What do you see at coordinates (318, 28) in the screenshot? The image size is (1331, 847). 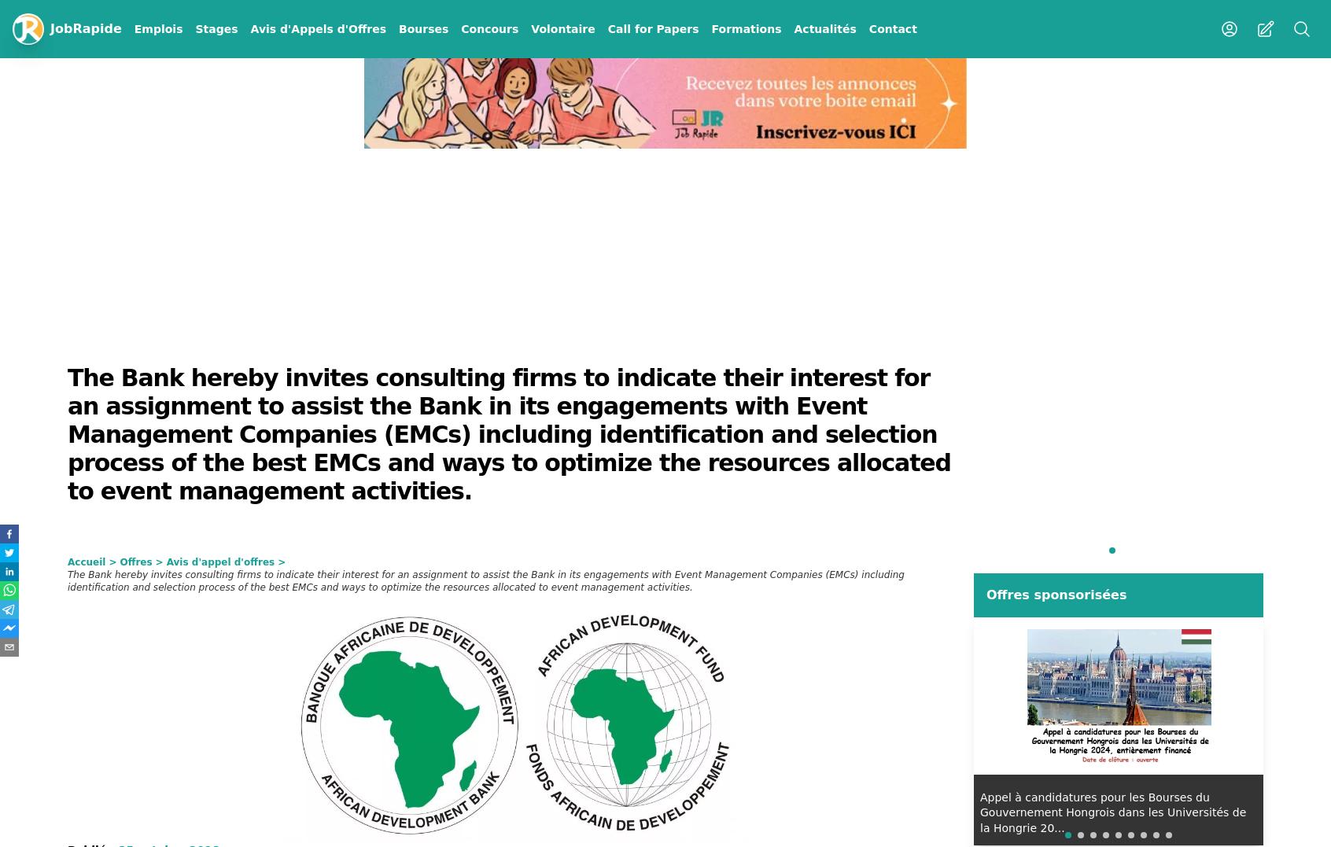 I see `'Avis d'Appels d'Offres'` at bounding box center [318, 28].